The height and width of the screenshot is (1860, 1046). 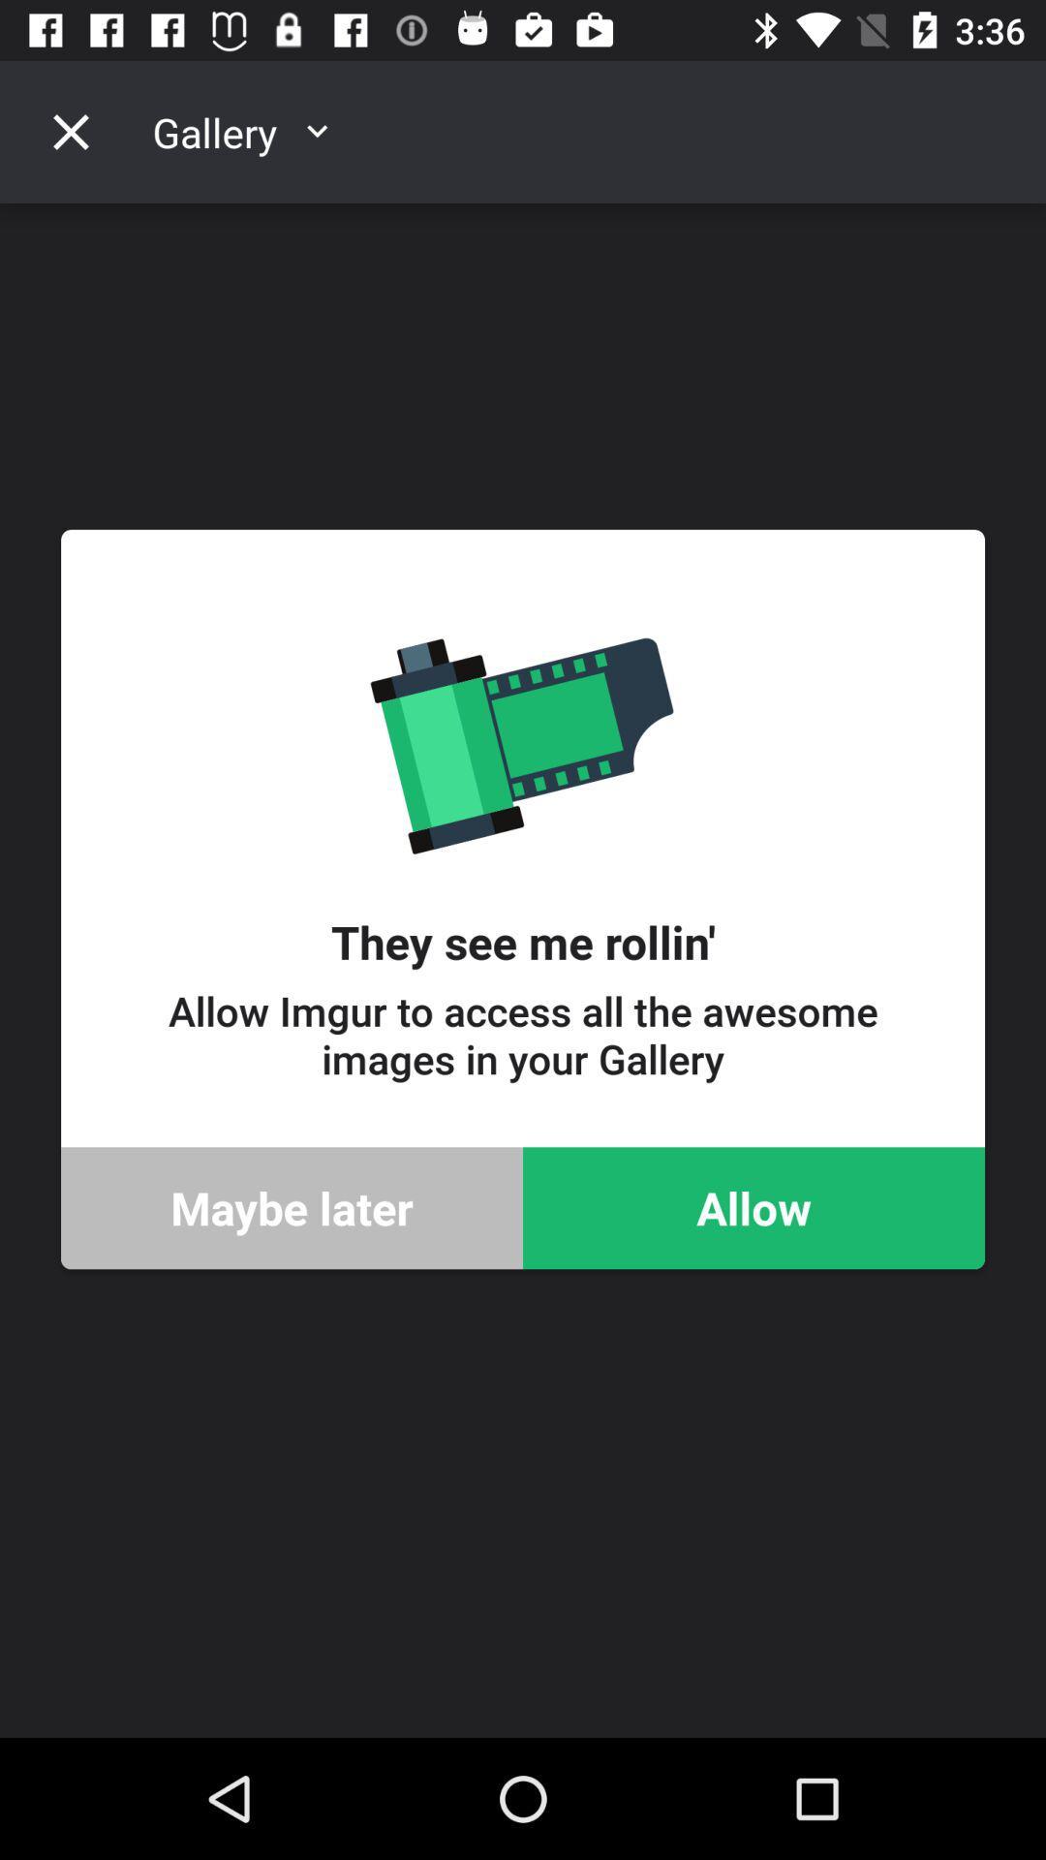 What do you see at coordinates (70, 131) in the screenshot?
I see `the close icon` at bounding box center [70, 131].